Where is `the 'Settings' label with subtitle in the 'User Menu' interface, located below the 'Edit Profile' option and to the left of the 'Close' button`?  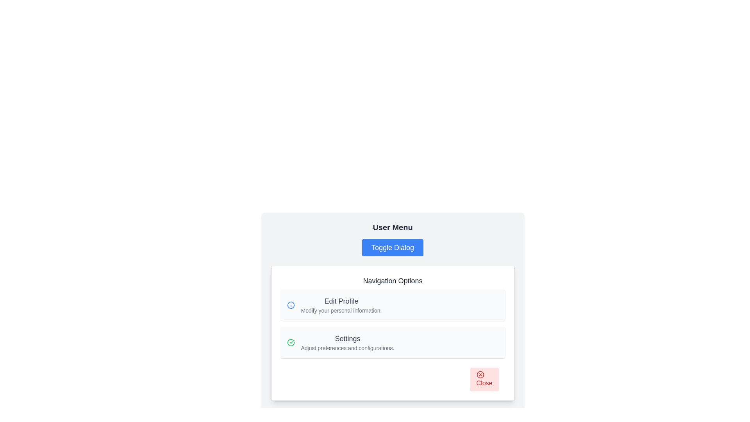 the 'Settings' label with subtitle in the 'User Menu' interface, located below the 'Edit Profile' option and to the left of the 'Close' button is located at coordinates (347, 342).